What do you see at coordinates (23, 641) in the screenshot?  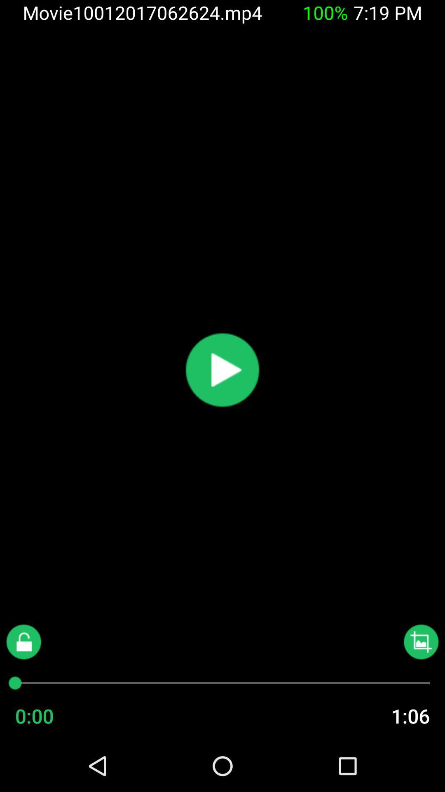 I see `lock screen` at bounding box center [23, 641].